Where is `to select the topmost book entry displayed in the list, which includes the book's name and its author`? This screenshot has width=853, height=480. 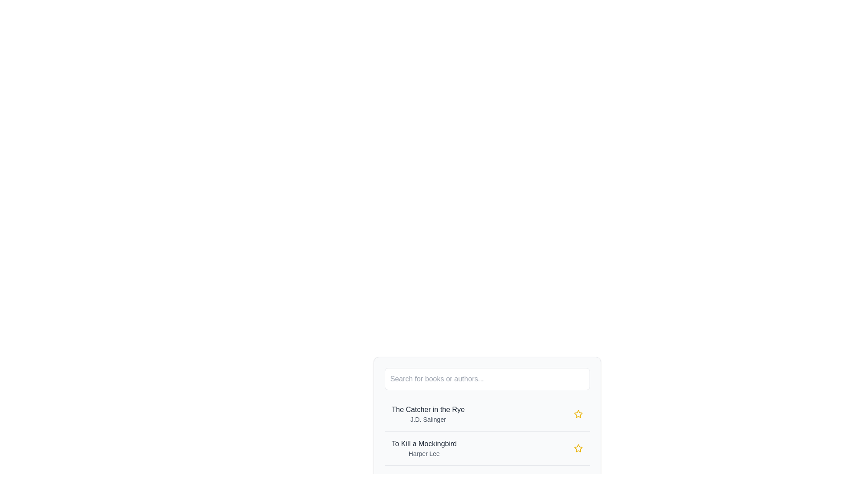 to select the topmost book entry displayed in the list, which includes the book's name and its author is located at coordinates (428, 414).